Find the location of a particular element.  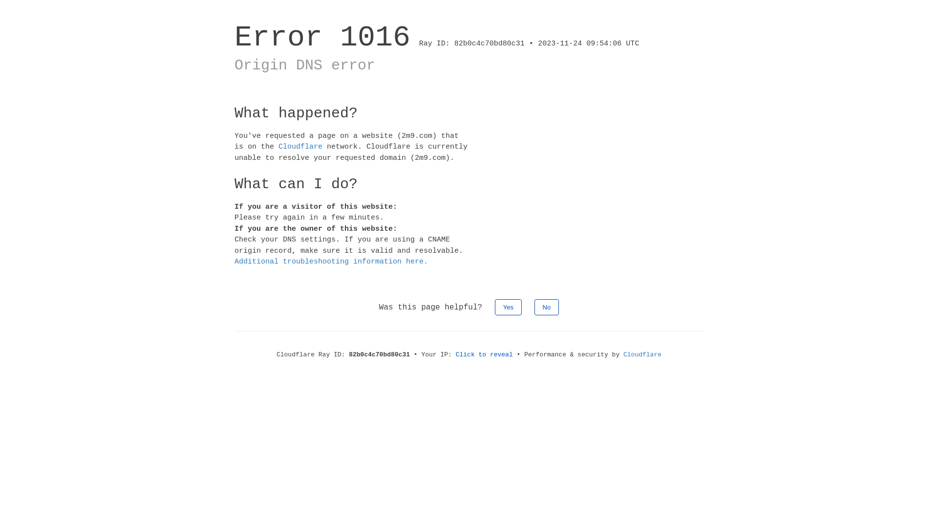

'Cloudflare' is located at coordinates (642, 354).